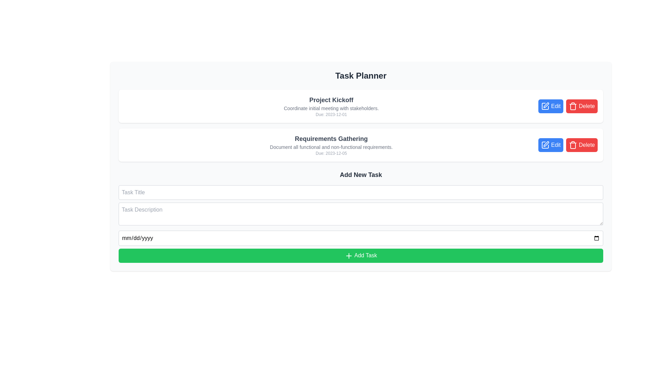 The width and height of the screenshot is (666, 374). Describe the element at coordinates (349, 256) in the screenshot. I see `the center of the 'Add Task' icon within the green rectangular button` at that location.